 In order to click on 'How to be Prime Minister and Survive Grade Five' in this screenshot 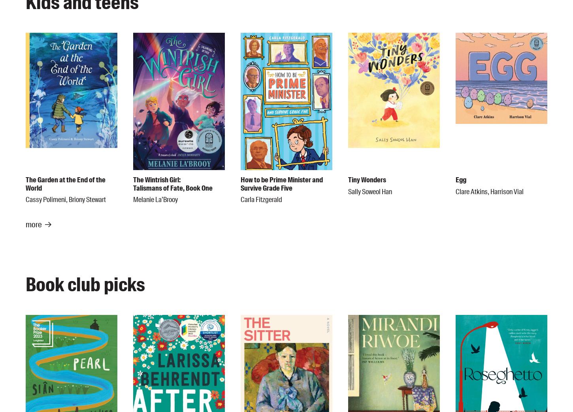, I will do `click(281, 184)`.